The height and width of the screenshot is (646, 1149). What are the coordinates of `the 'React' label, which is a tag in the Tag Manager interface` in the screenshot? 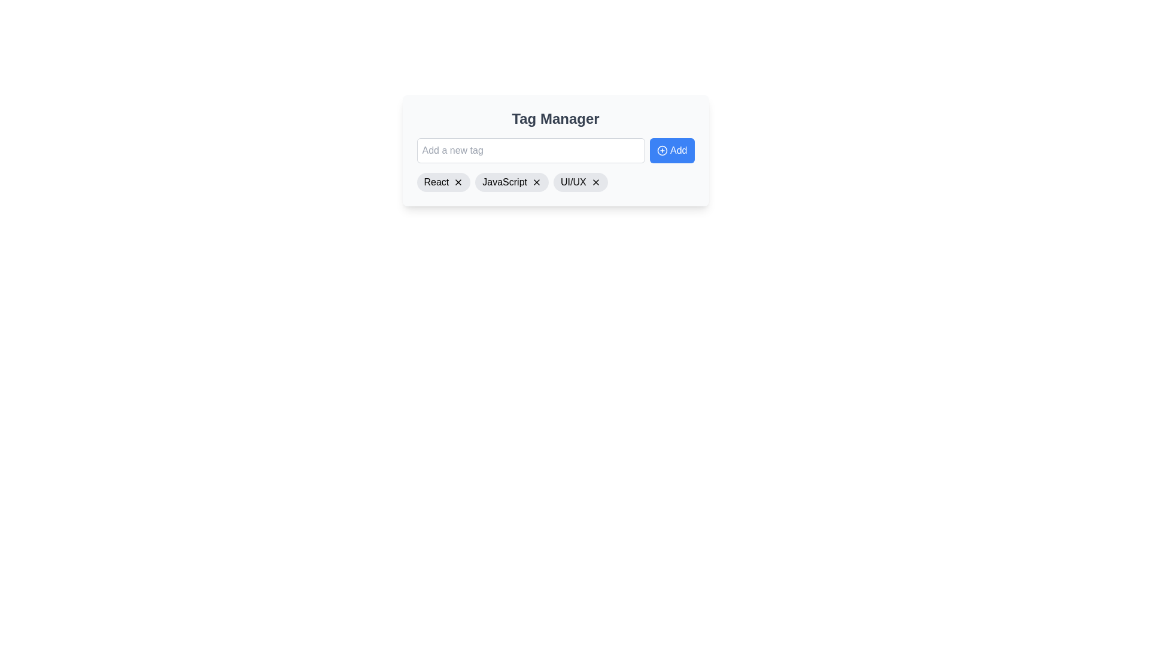 It's located at (436, 182).